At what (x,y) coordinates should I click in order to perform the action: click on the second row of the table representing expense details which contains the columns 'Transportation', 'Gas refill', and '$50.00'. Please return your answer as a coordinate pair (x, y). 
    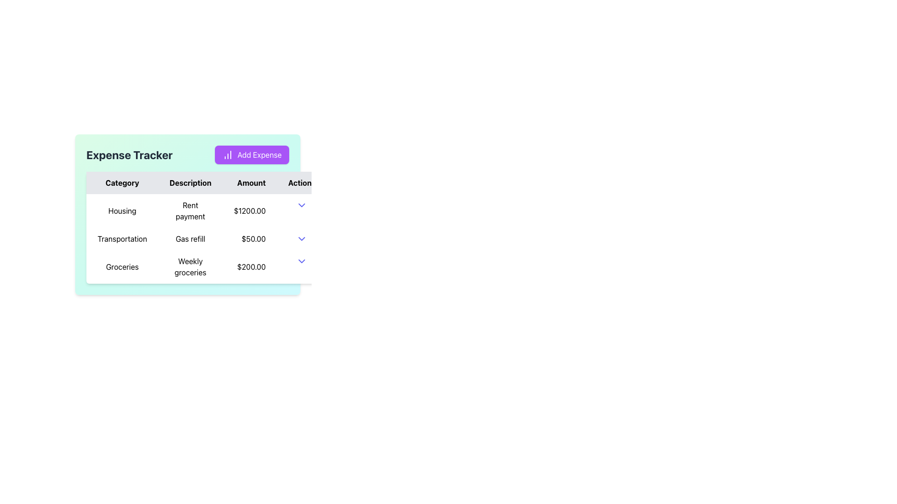
    Looking at the image, I should click on (206, 238).